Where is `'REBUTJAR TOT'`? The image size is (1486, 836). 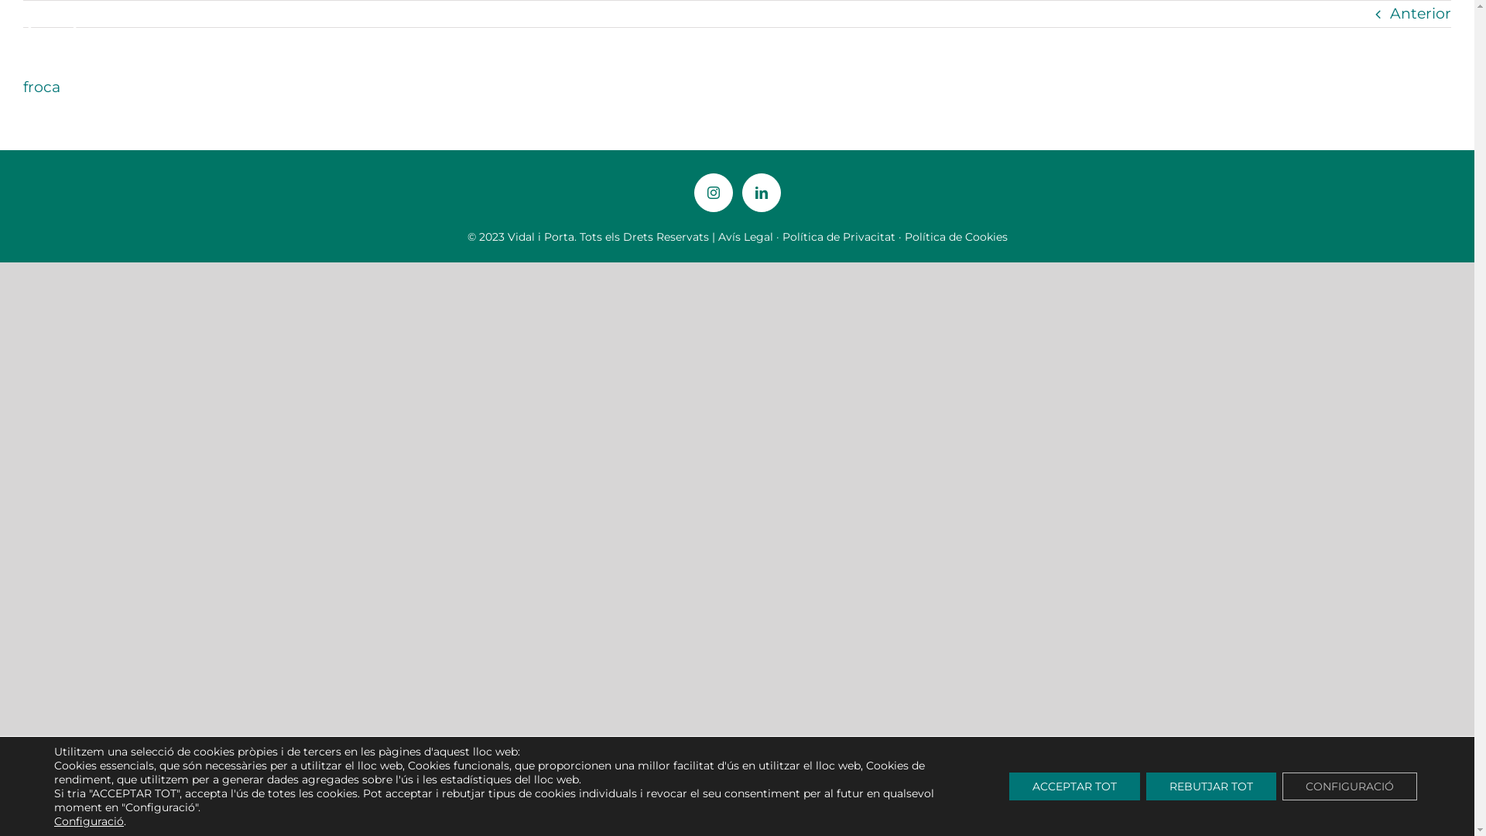
'REBUTJAR TOT' is located at coordinates (1210, 786).